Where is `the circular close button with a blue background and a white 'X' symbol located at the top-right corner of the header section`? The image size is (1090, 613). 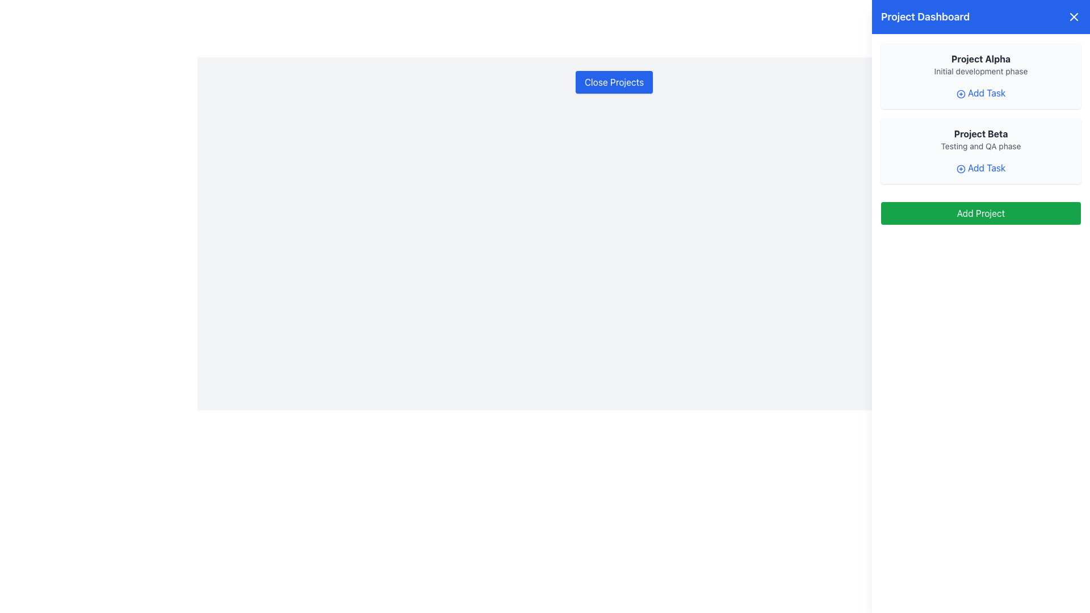 the circular close button with a blue background and a white 'X' symbol located at the top-right corner of the header section is located at coordinates (1073, 17).